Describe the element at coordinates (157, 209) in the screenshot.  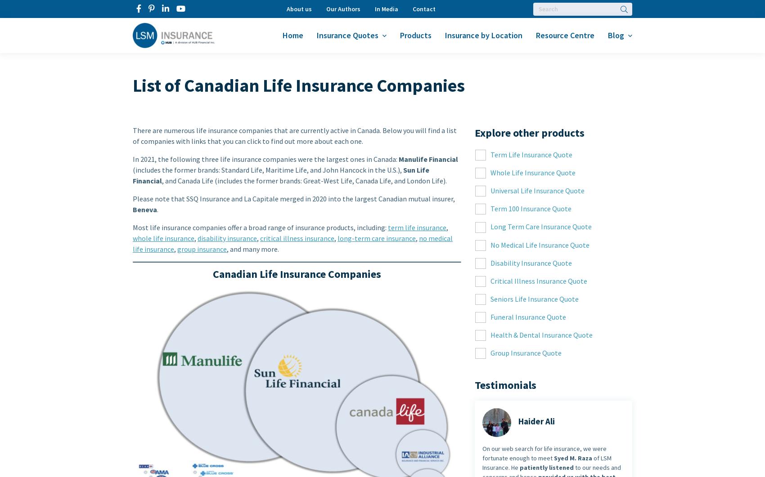
I see `'.'` at that location.